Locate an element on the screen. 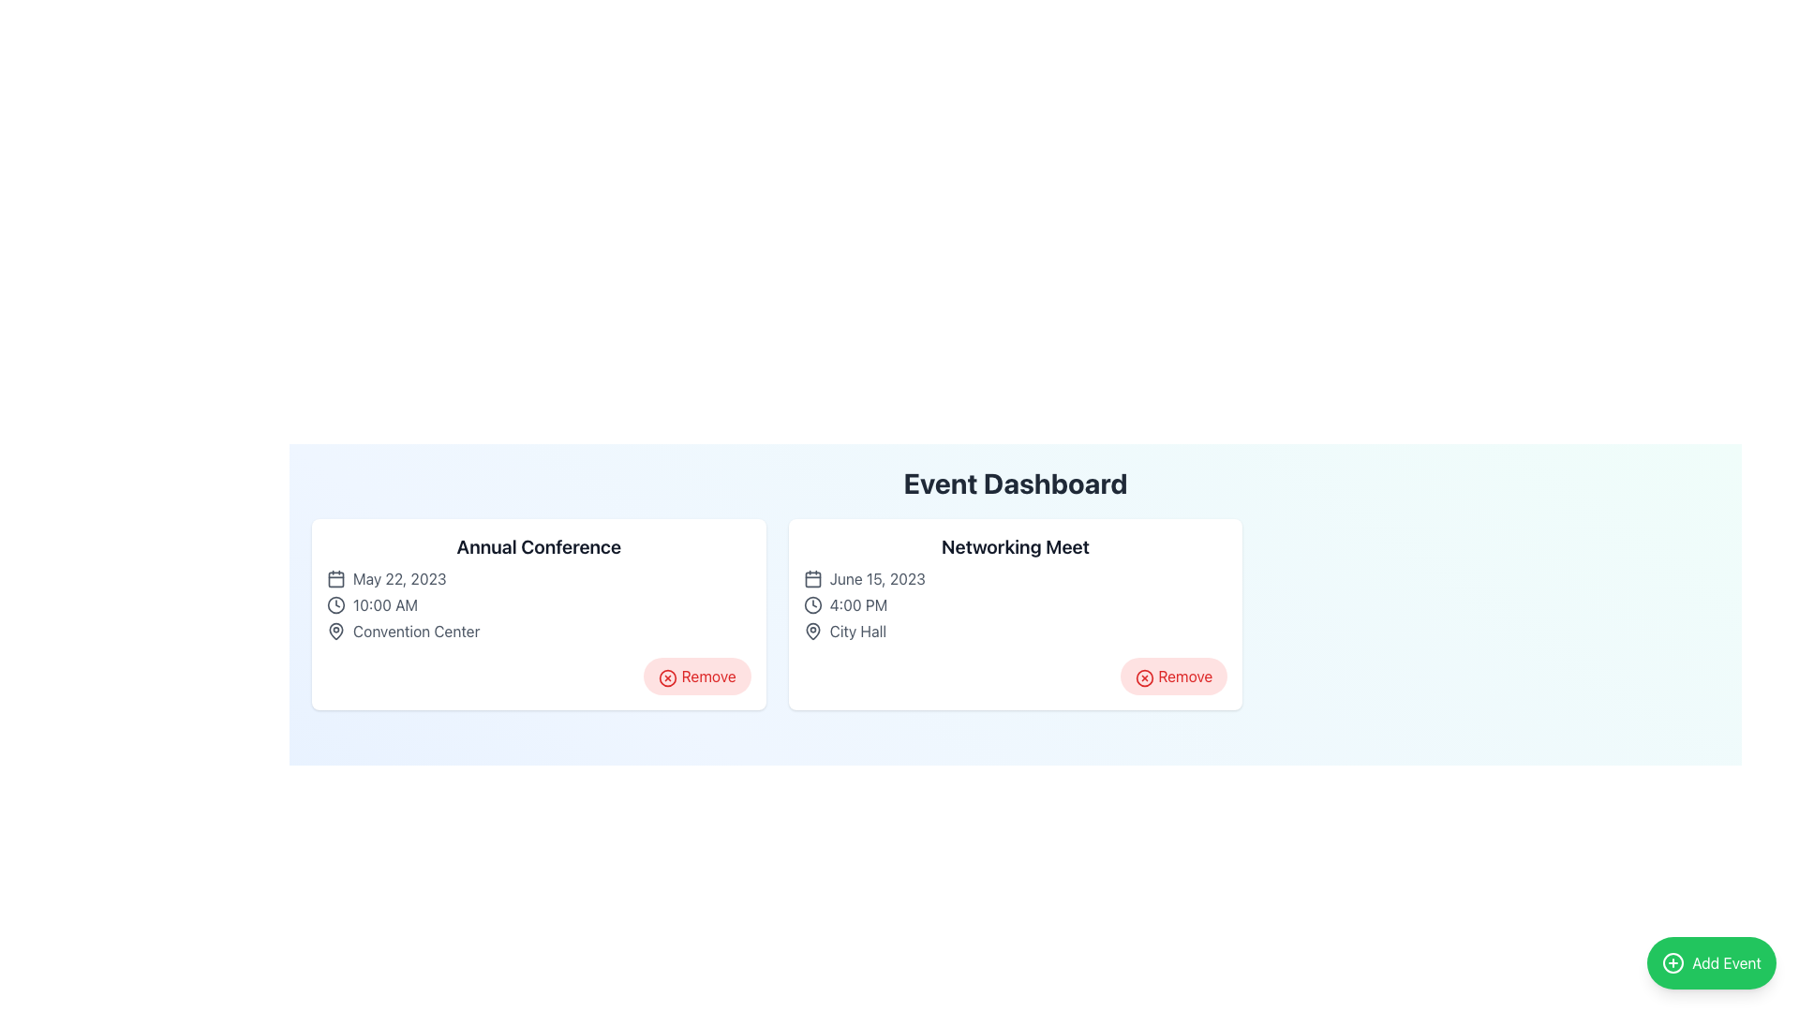 This screenshot has width=1799, height=1012. the 'City Hall' text label, which is styled in gray and positioned next to a location pin icon within the event details for 'Networking Meet' is located at coordinates (856, 632).